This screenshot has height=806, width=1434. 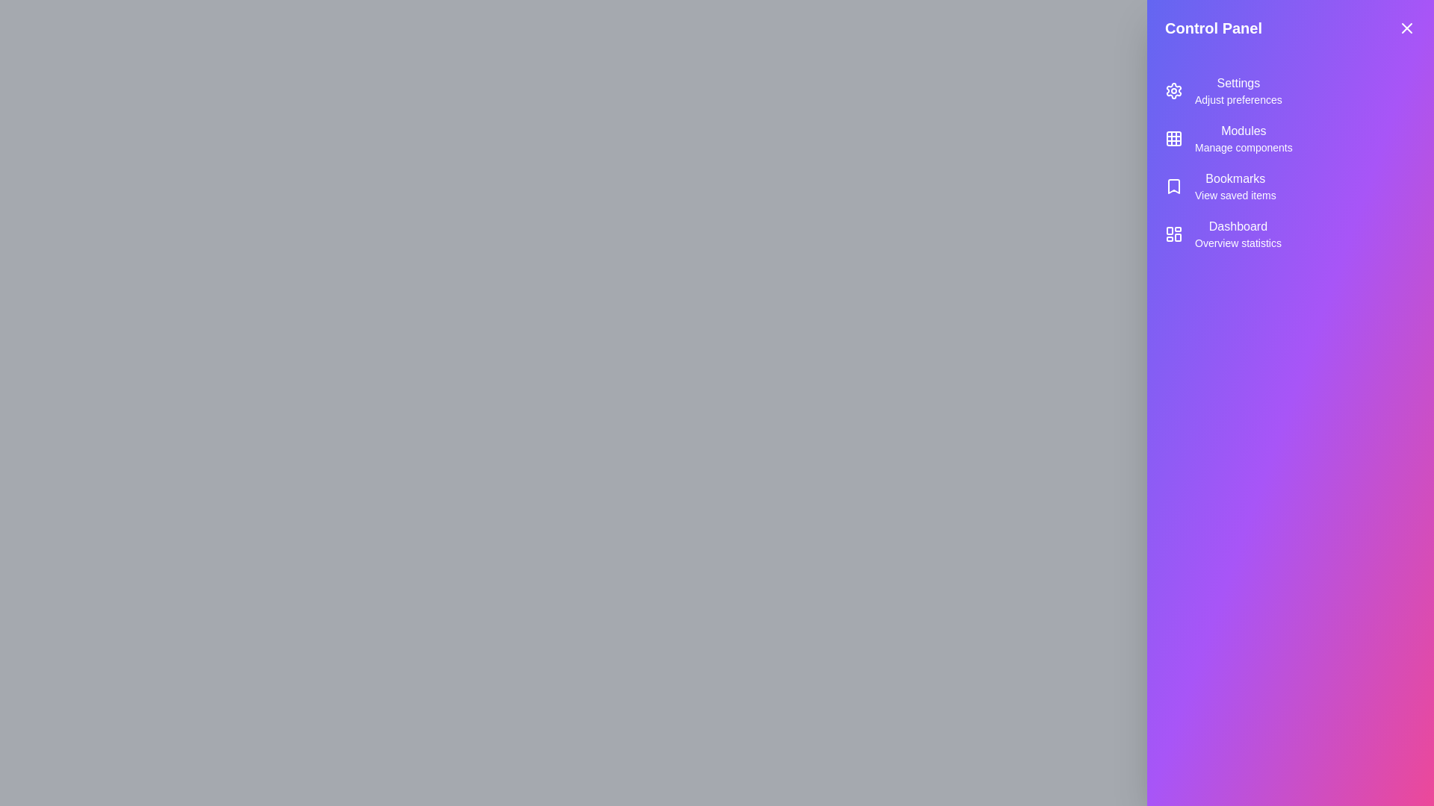 I want to click on the topmost text label in the vertical navigation menu that guides users to settings-related features, located above 'Adjust preferences', so click(x=1238, y=83).